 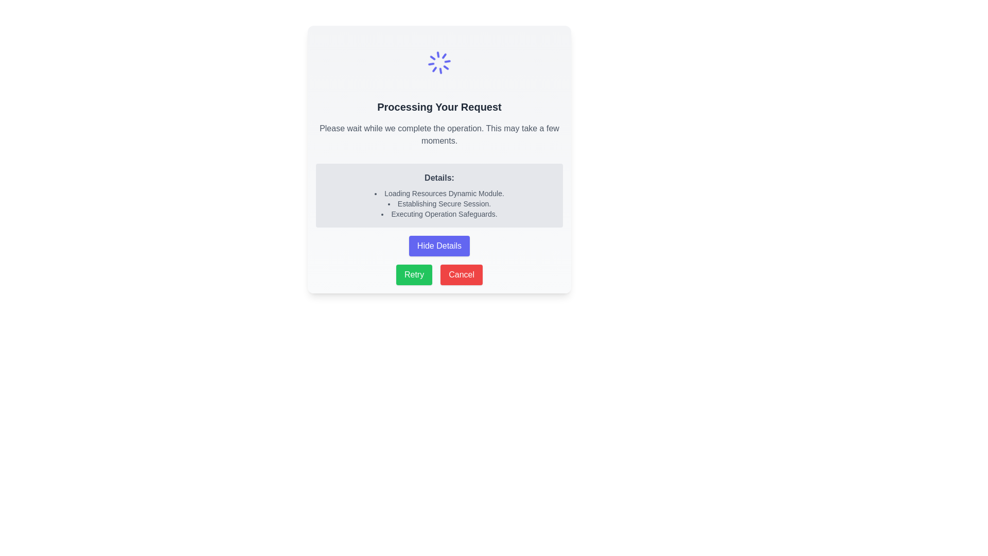 What do you see at coordinates (461, 274) in the screenshot?
I see `the 'Cancel' button, which is a rectangular button with white text on a red background, located as the second button from the left in a modal dialog` at bounding box center [461, 274].